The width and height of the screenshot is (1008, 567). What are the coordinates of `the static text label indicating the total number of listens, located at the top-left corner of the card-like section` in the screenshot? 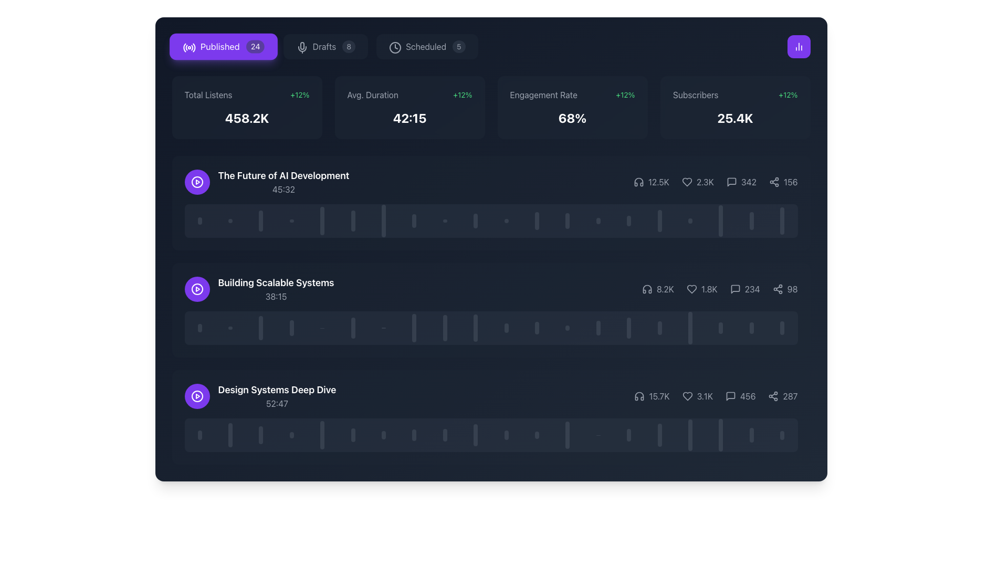 It's located at (208, 95).